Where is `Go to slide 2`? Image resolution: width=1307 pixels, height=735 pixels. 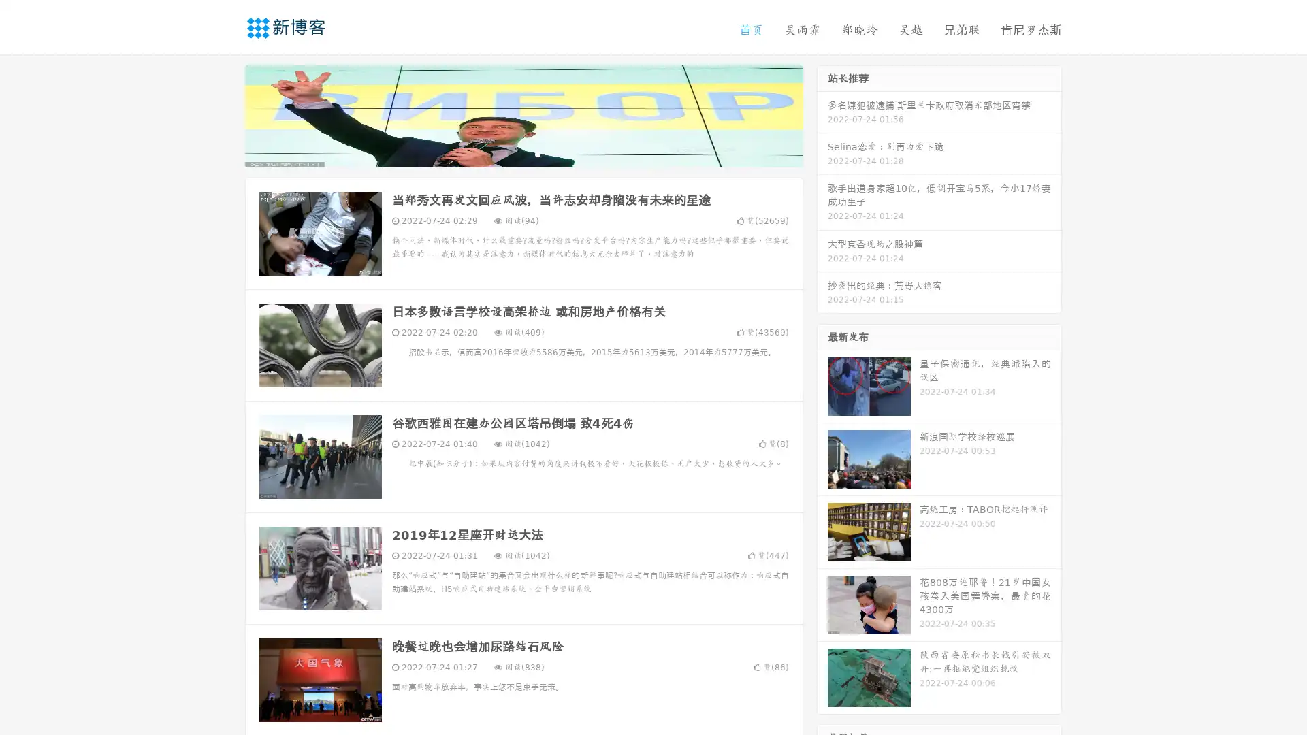
Go to slide 2 is located at coordinates (523, 153).